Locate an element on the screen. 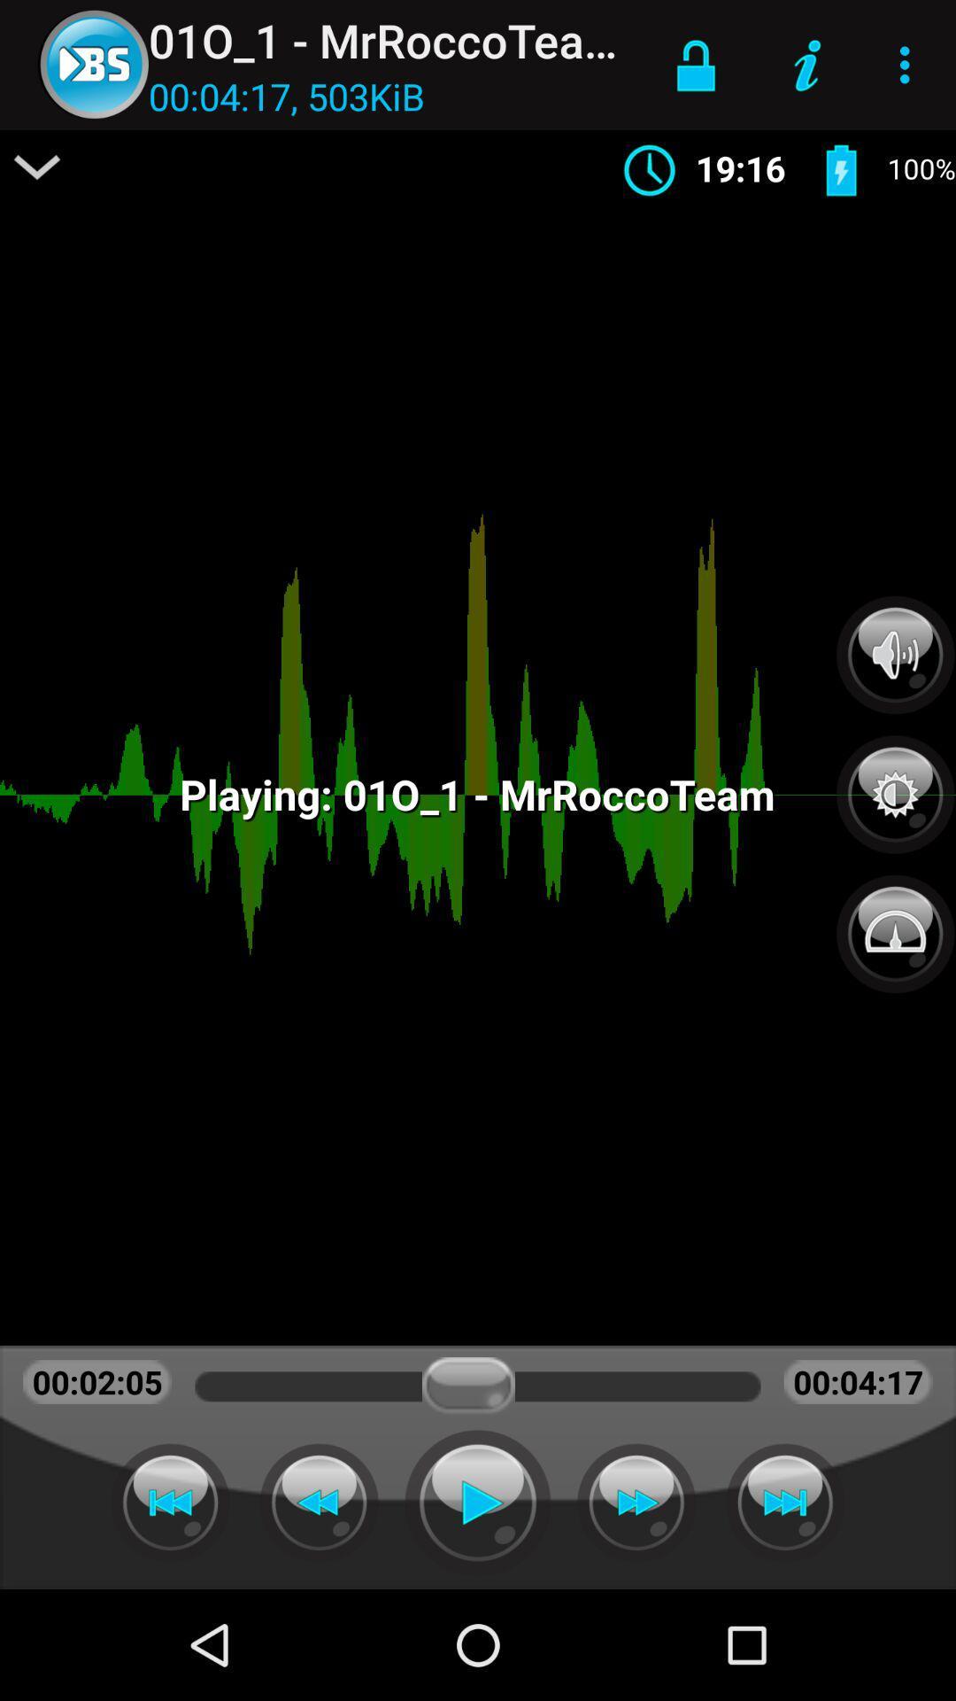  the expand_more icon is located at coordinates (37, 167).